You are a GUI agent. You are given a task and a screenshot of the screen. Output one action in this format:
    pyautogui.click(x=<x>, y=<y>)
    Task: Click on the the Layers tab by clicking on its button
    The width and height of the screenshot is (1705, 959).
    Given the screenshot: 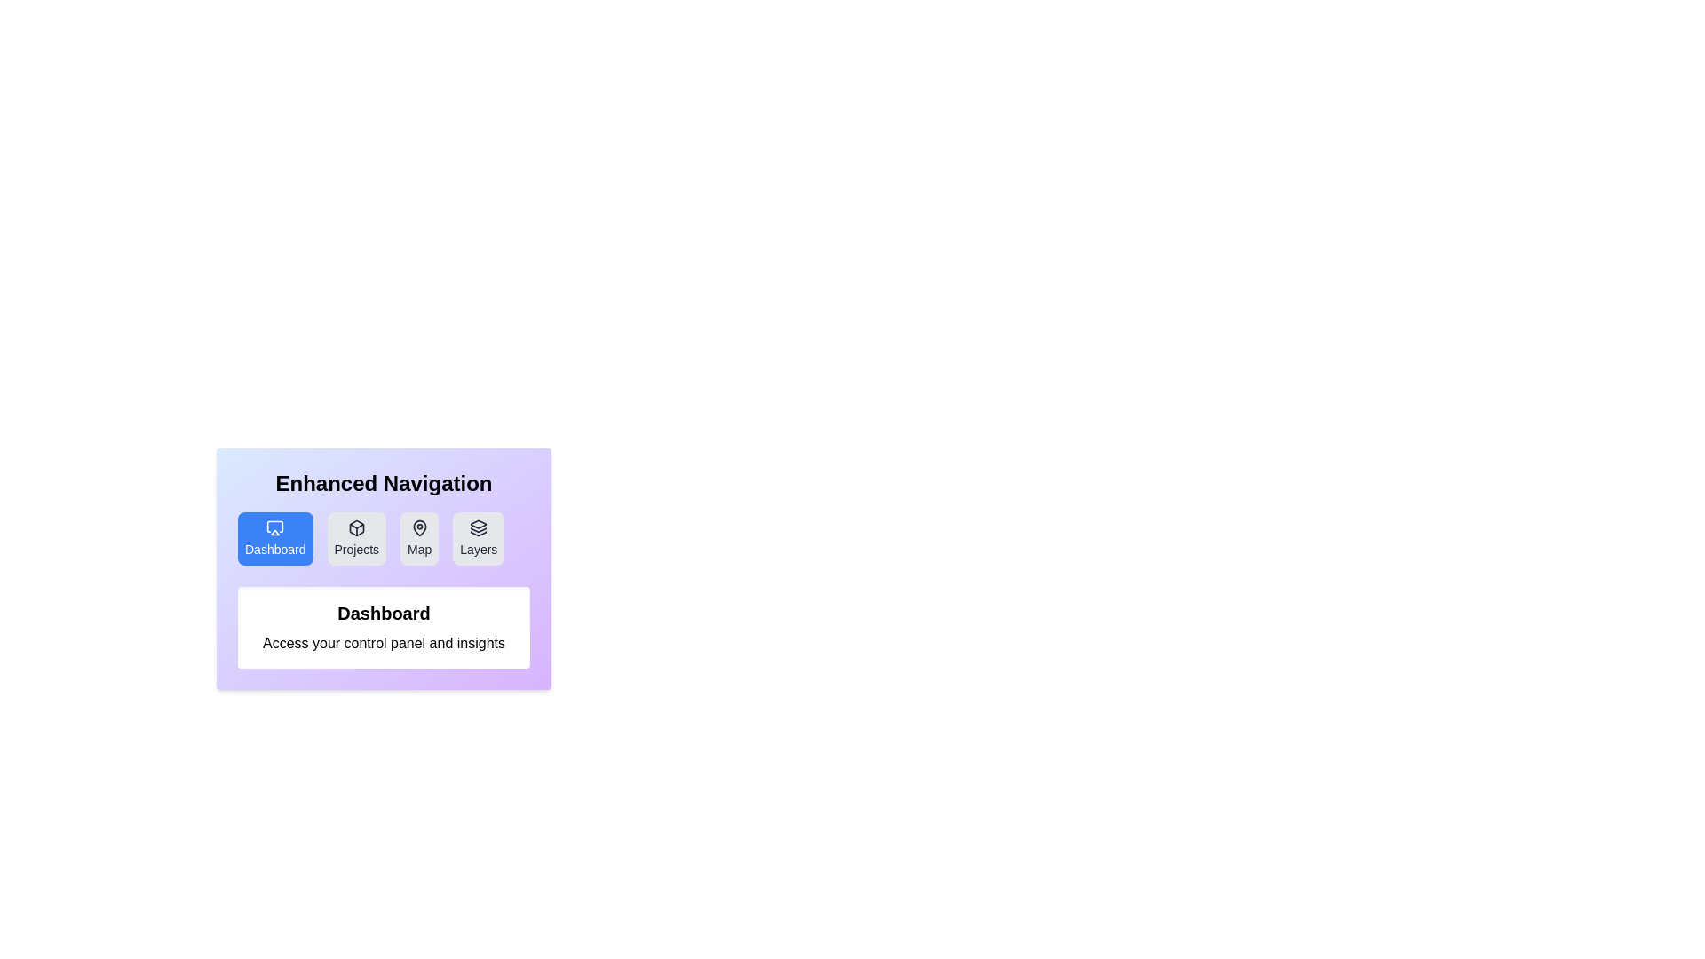 What is the action you would take?
    pyautogui.click(x=479, y=537)
    